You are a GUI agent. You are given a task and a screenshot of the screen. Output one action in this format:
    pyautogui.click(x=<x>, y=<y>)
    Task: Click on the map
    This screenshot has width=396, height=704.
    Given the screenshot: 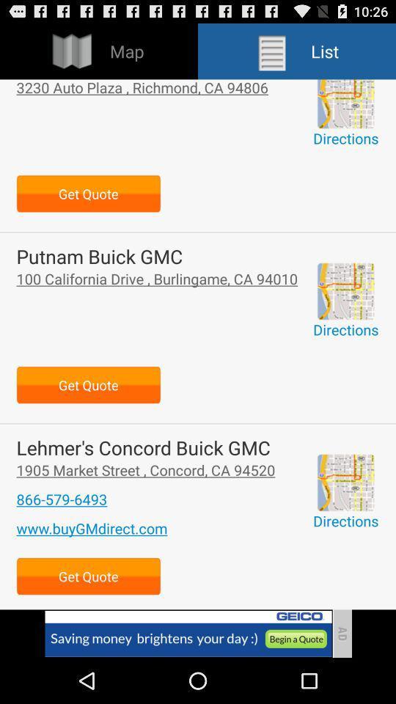 What is the action you would take?
    pyautogui.click(x=345, y=290)
    